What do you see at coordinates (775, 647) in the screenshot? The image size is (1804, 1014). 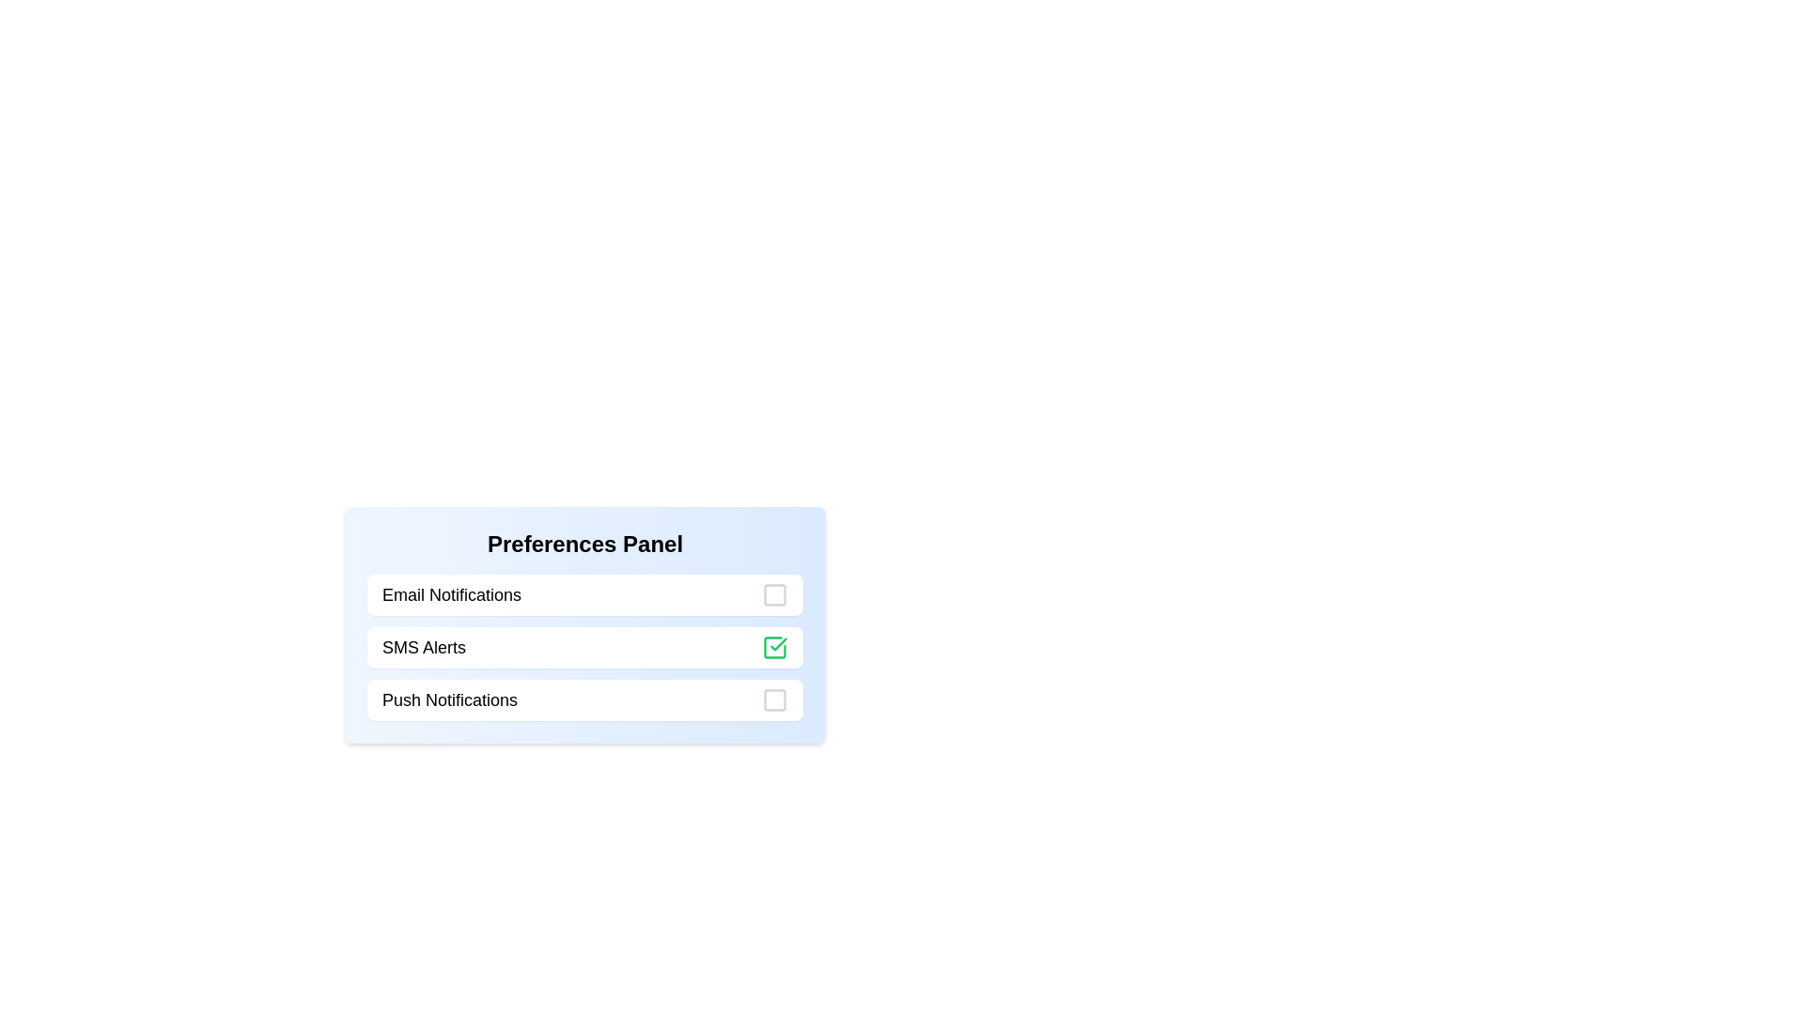 I see `the checkbox for 'SMS Alerts' to focus on it, located to the right of the 'SMS Alerts' text` at bounding box center [775, 647].